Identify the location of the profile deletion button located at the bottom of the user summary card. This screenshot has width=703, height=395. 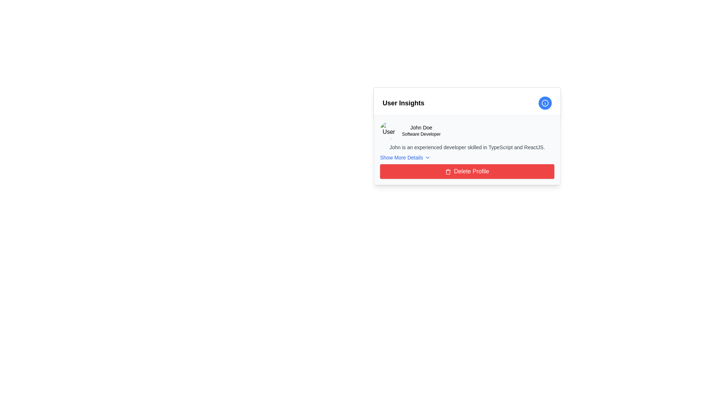
(467, 172).